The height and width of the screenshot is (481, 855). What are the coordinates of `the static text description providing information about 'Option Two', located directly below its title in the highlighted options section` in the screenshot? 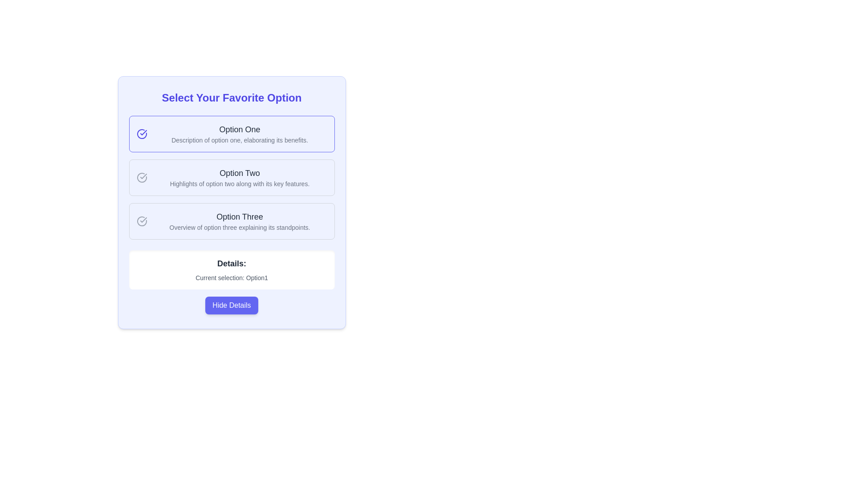 It's located at (240, 183).